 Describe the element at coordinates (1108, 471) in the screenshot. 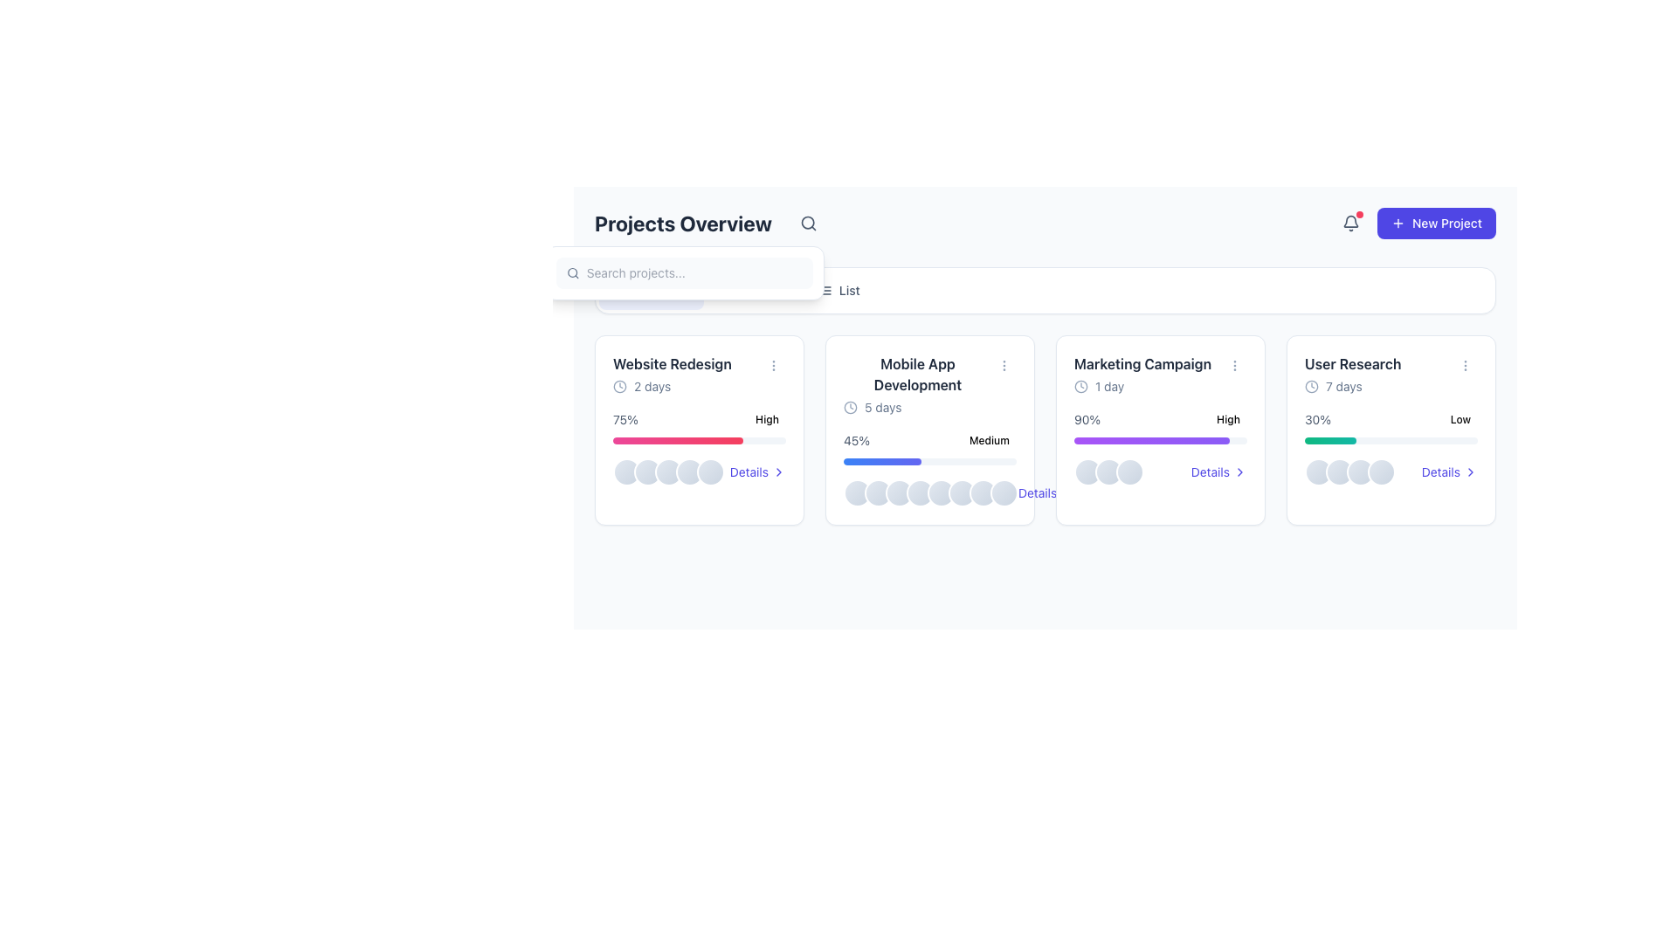

I see `the second circular decorative icon representing a team member or project status, located below 'Marketing Campaign' in the project summary grid` at that location.